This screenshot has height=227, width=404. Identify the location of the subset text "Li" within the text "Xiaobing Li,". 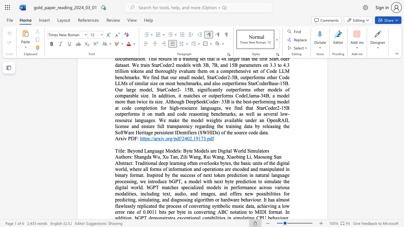
(246, 156).